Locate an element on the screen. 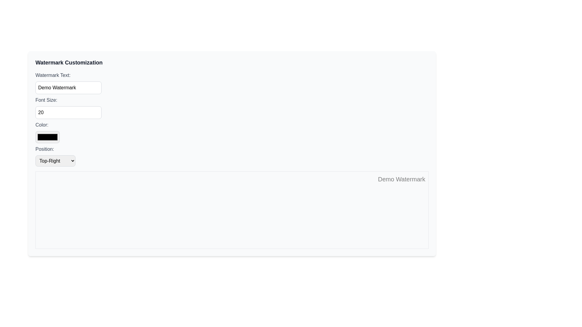 Image resolution: width=582 pixels, height=327 pixels. the Color input field for watermark customization, allowing keyboard navigation for color selection is located at coordinates (47, 137).